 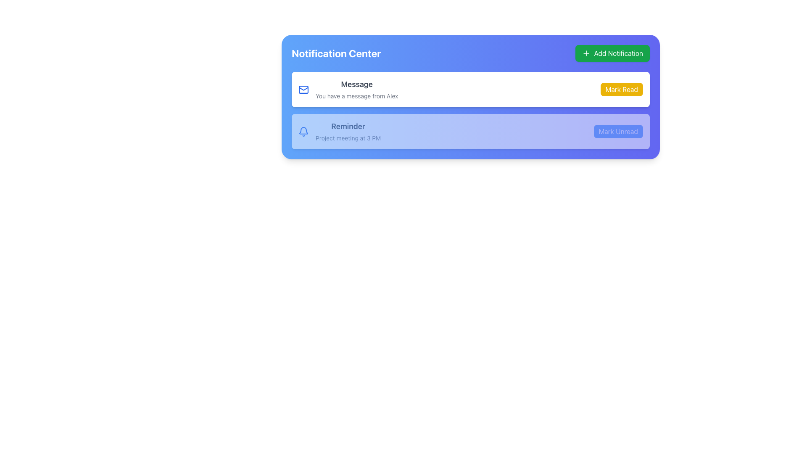 I want to click on the 'Message' text label displayed in bold and larger font within the 'Notification Center' interface, positioned at the top of the notification card, so click(x=357, y=84).